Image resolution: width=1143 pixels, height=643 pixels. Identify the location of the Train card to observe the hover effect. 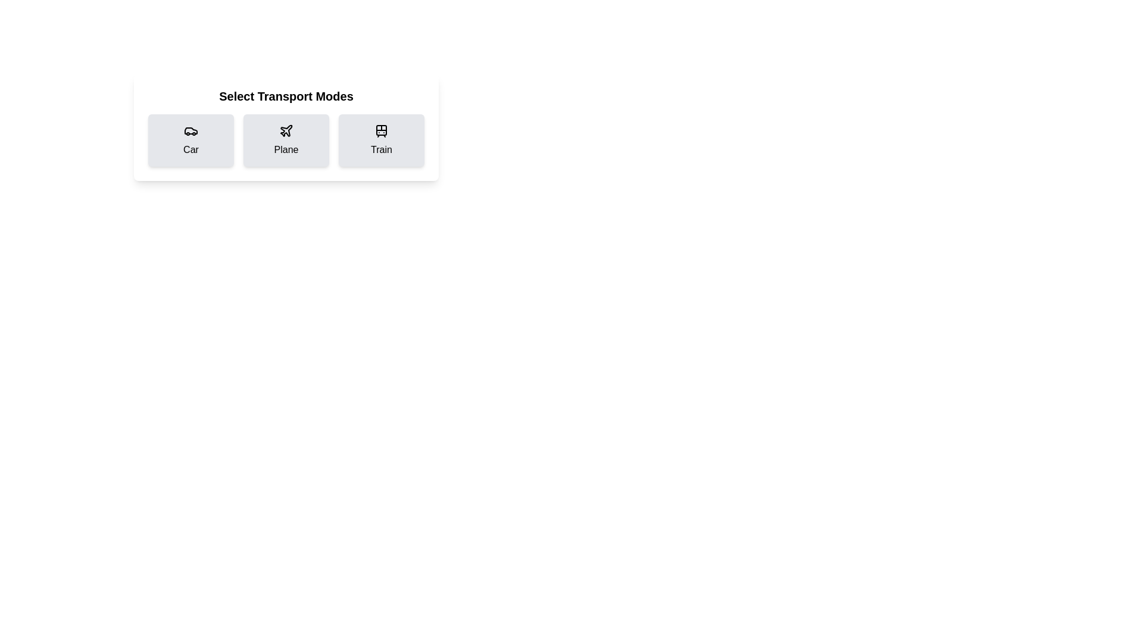
(382, 139).